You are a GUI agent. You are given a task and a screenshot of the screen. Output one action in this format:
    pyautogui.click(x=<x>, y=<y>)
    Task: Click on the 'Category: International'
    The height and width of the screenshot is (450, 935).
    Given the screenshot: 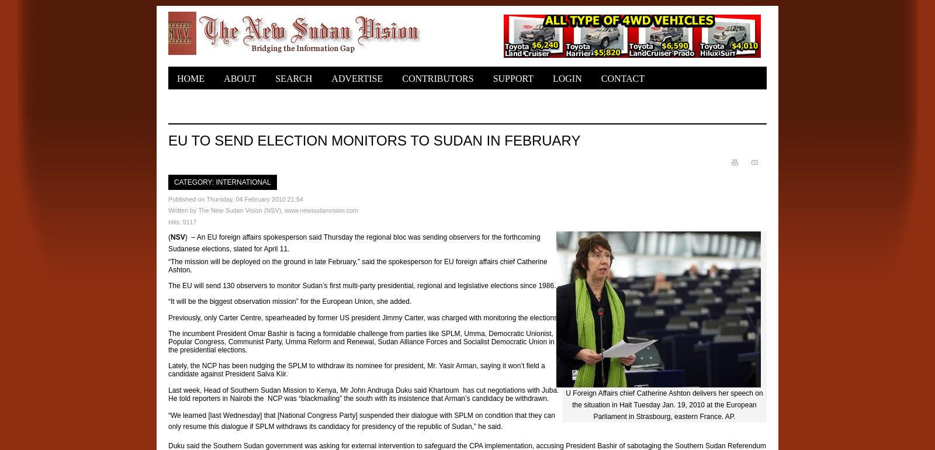 What is the action you would take?
    pyautogui.click(x=222, y=182)
    